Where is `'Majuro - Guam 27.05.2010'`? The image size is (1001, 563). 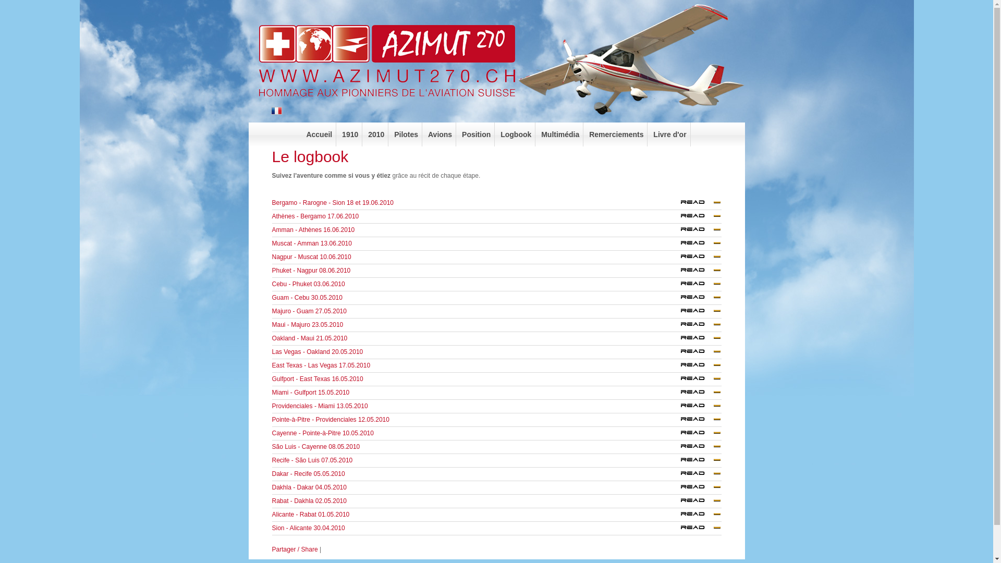 'Majuro - Guam 27.05.2010' is located at coordinates (309, 311).